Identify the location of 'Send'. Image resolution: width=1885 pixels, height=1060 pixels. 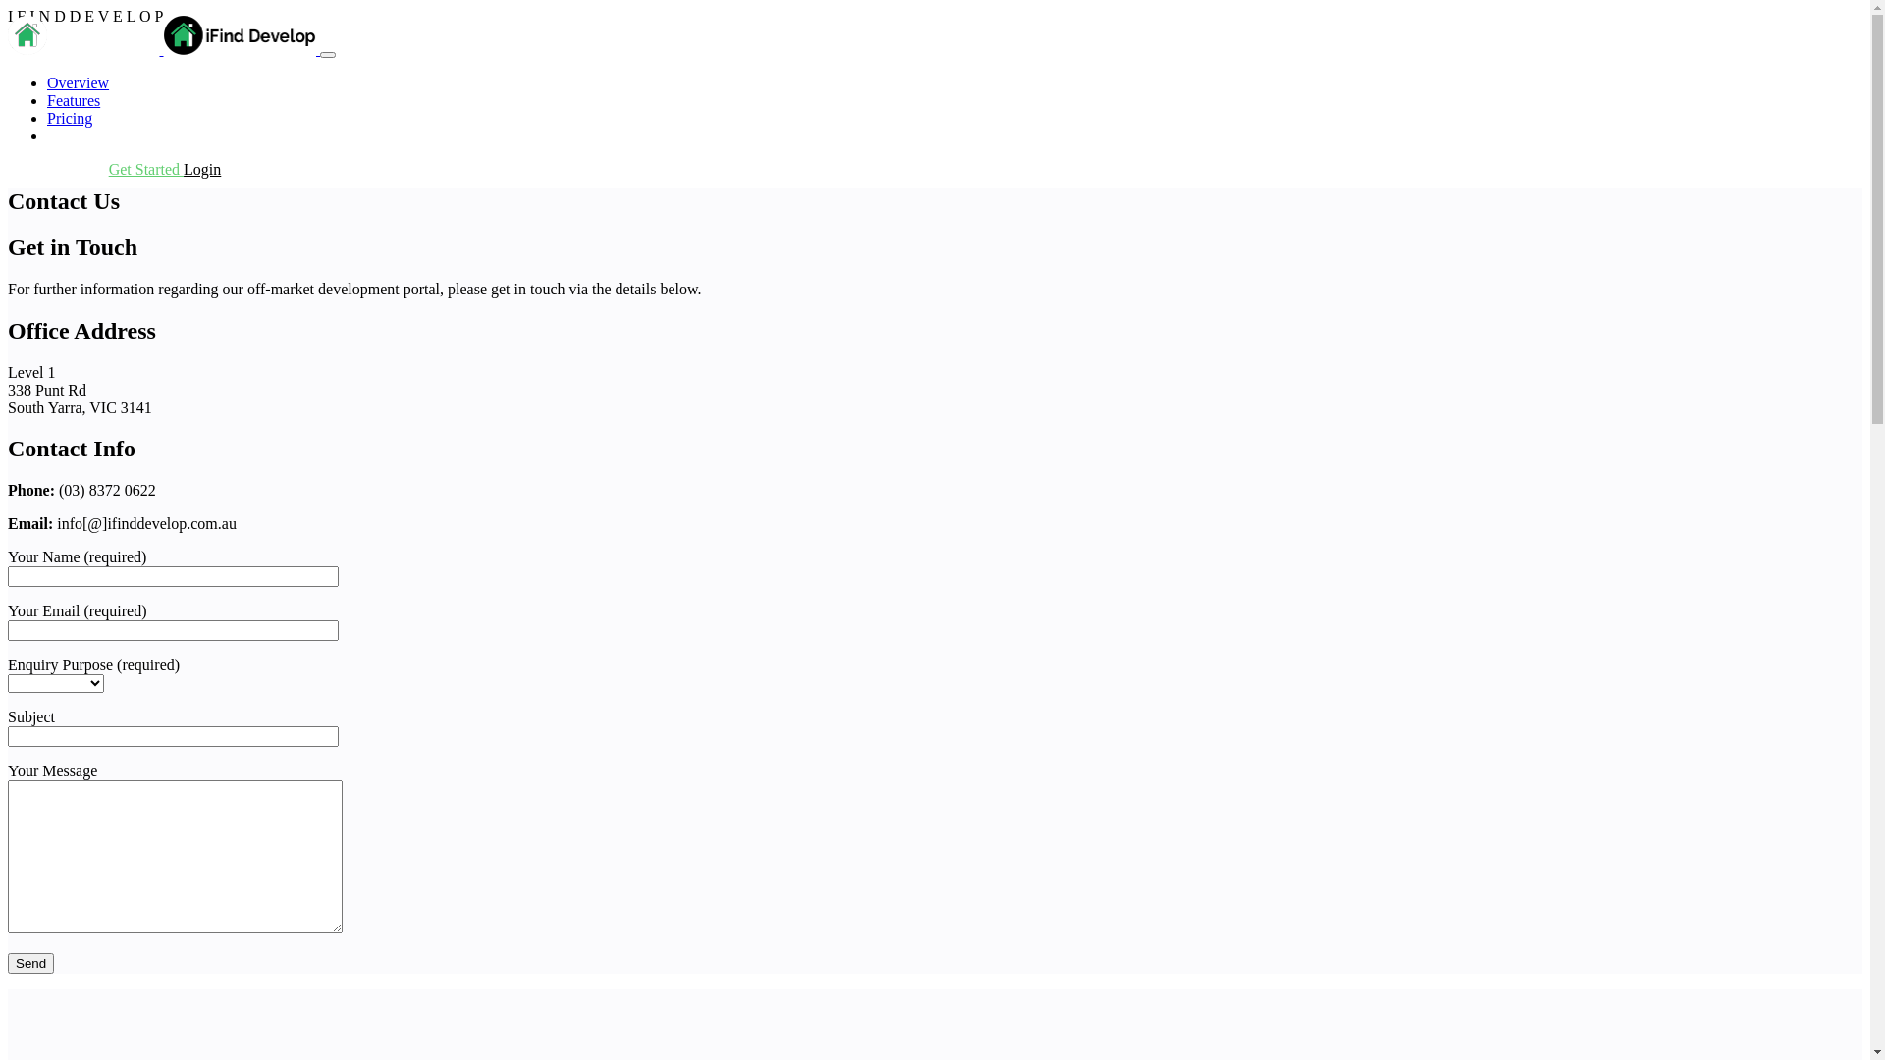
(30, 962).